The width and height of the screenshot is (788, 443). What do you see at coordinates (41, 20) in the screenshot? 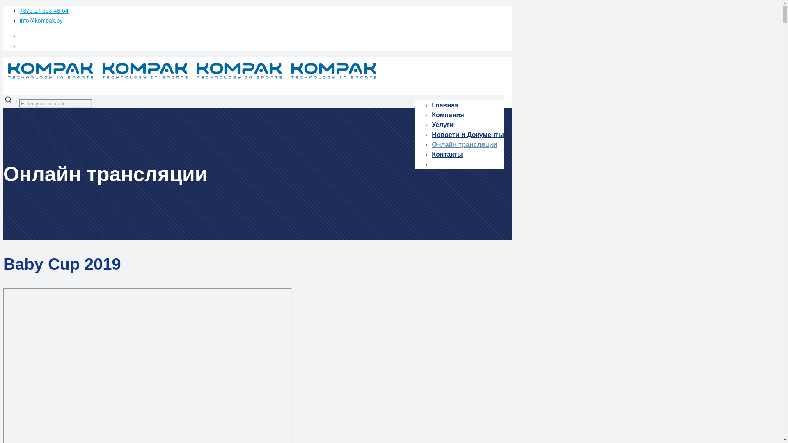
I see `'info@kompak.by'` at bounding box center [41, 20].